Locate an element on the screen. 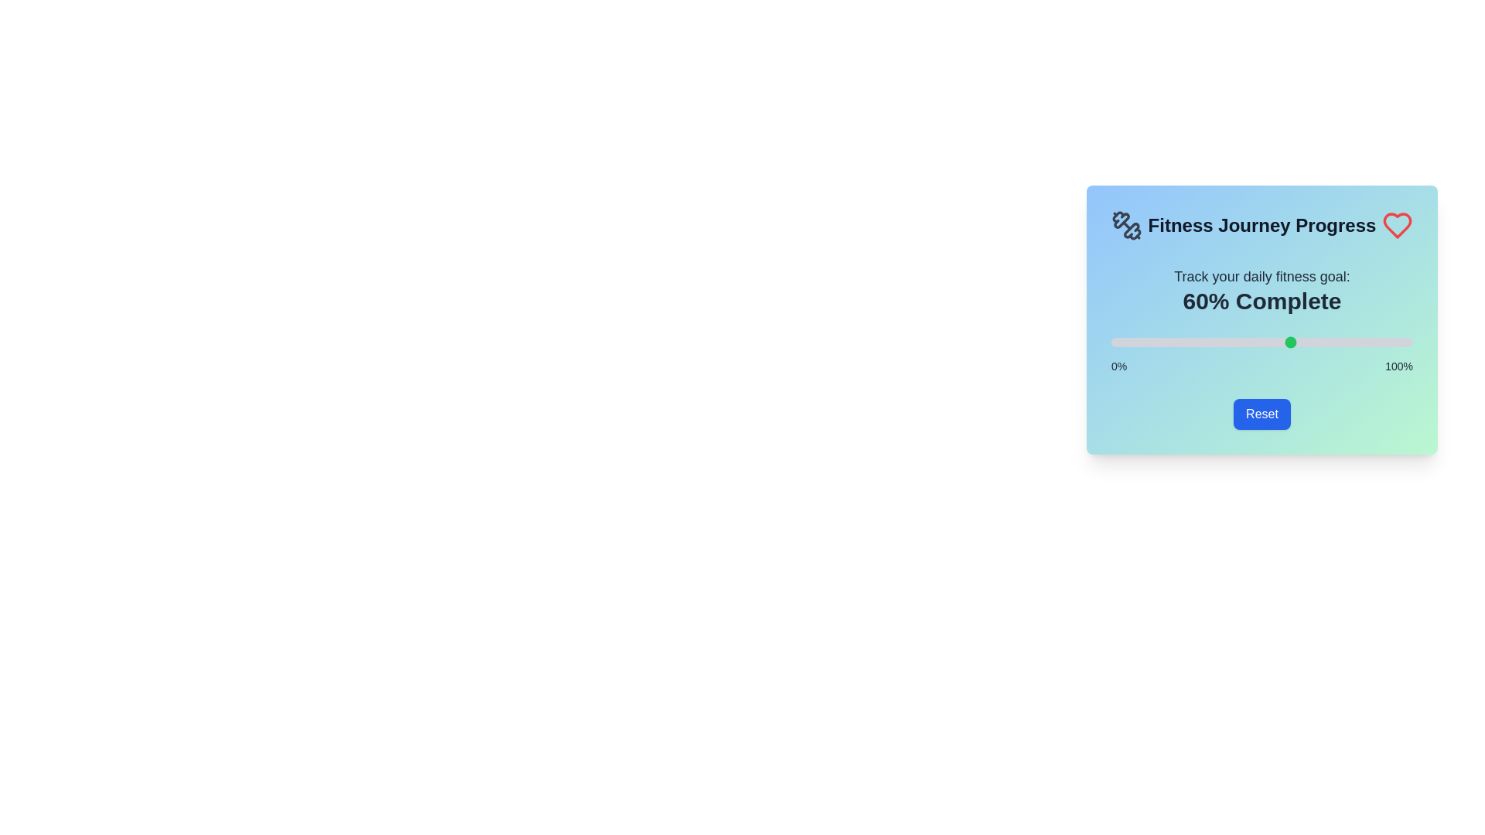 The height and width of the screenshot is (835, 1485). the Reset button to set the progress back to 0% is located at coordinates (1262, 414).